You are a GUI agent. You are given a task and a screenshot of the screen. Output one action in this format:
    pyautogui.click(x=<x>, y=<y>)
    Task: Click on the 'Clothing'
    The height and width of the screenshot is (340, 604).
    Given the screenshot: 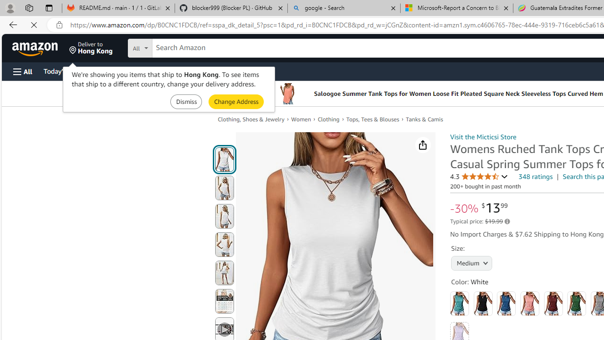 What is the action you would take?
    pyautogui.click(x=332, y=119)
    